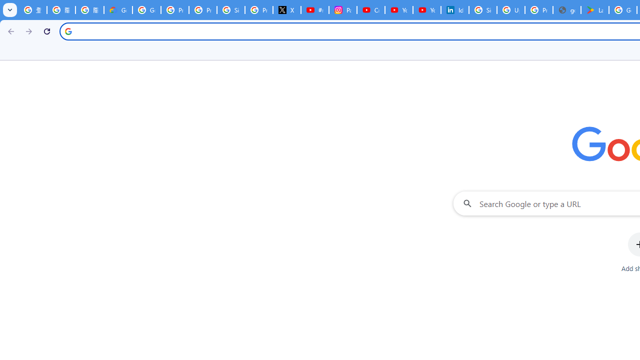  Describe the element at coordinates (483, 10) in the screenshot. I see `'Sign in - Google Accounts'` at that location.